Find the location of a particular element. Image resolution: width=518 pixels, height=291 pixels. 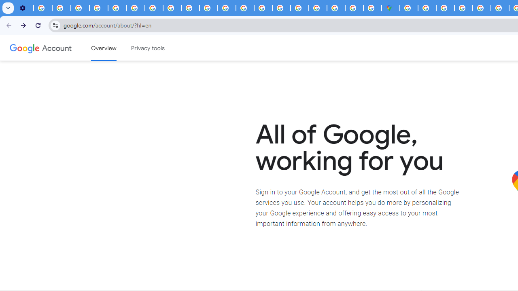

'Privacy Checkup' is located at coordinates (190, 8).